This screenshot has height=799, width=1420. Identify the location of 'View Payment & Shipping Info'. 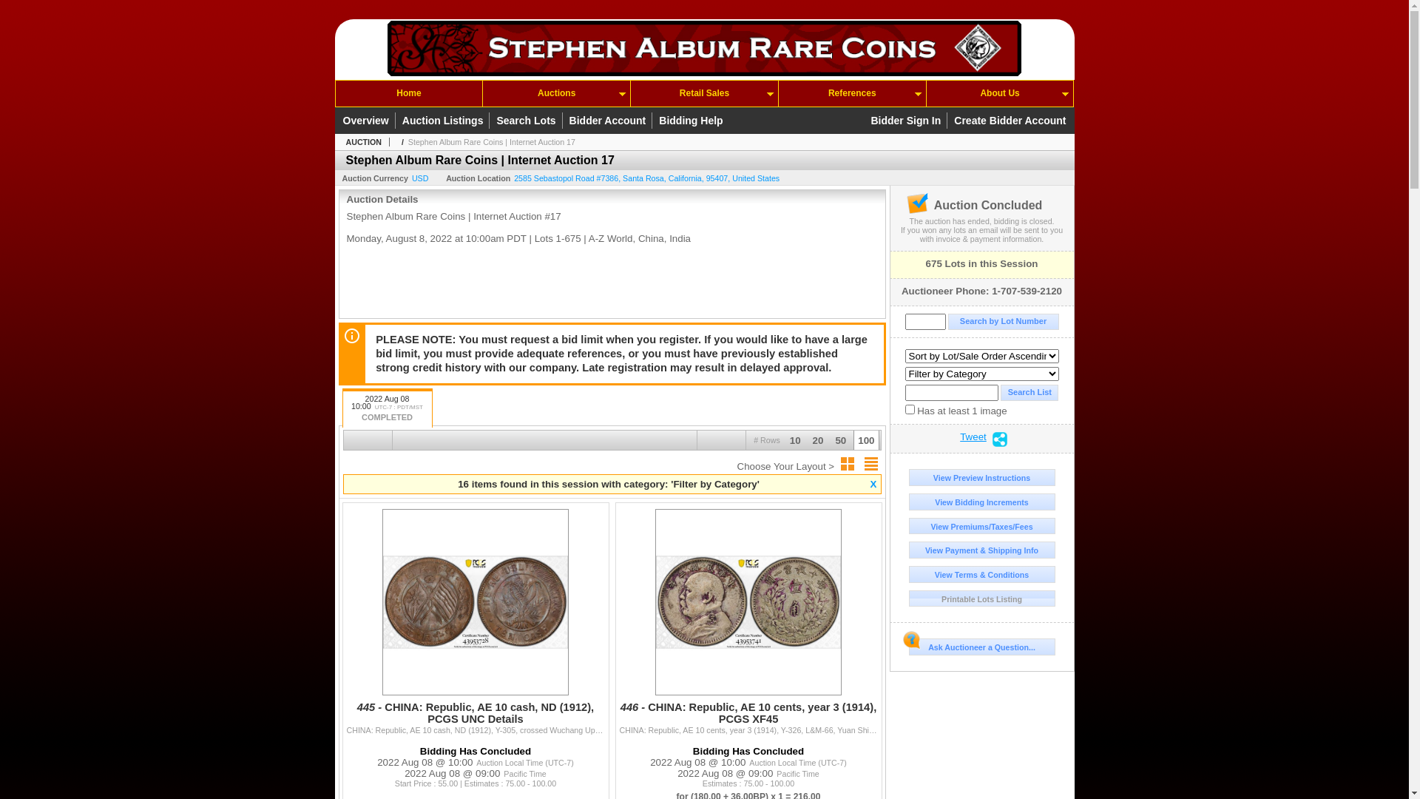
(981, 550).